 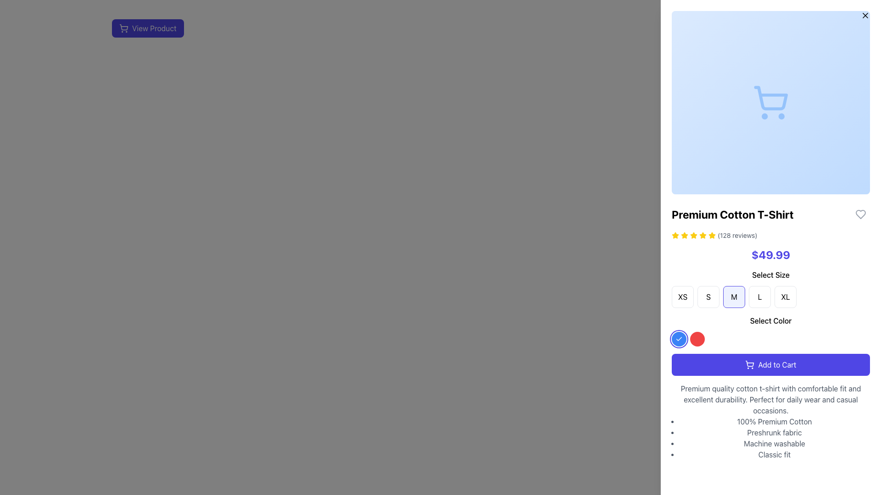 I want to click on the text label displaying 'Preshrunk fabric', so click(x=774, y=433).